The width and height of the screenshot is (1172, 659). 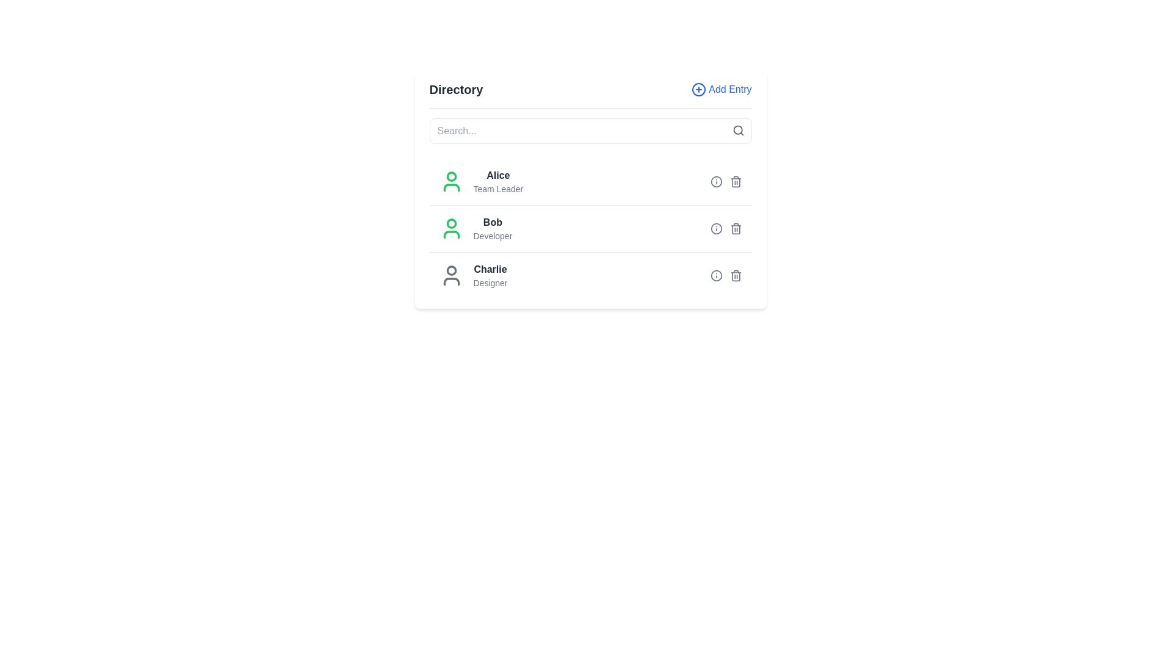 I want to click on the text block containing 'Bob' and 'Developer', so click(x=493, y=228).